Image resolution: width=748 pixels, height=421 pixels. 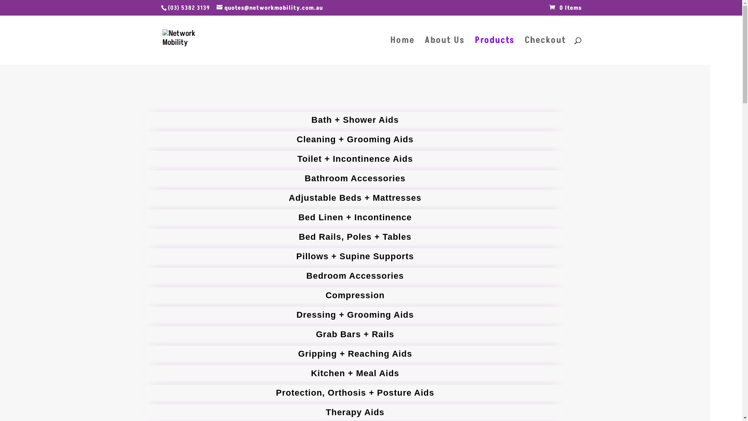 What do you see at coordinates (544, 51) in the screenshot?
I see `'Checkout'` at bounding box center [544, 51].